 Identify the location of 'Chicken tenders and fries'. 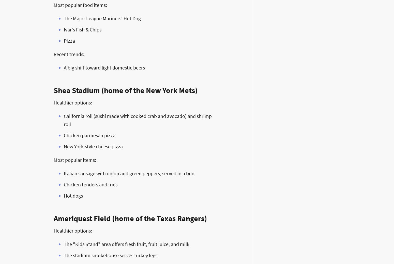
(90, 184).